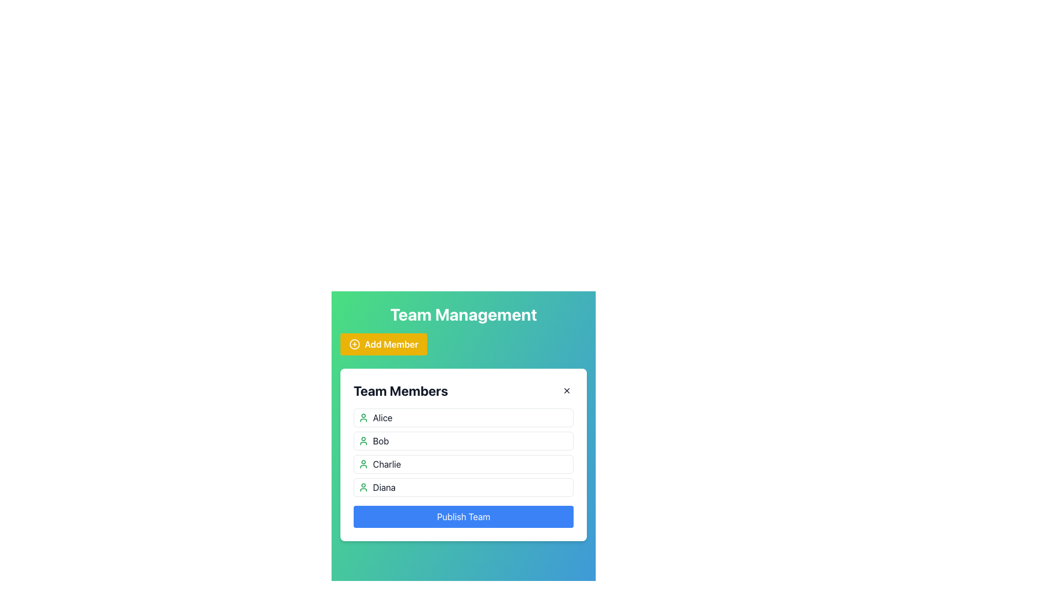 The height and width of the screenshot is (597, 1061). I want to click on a selectable item, so click(464, 452).